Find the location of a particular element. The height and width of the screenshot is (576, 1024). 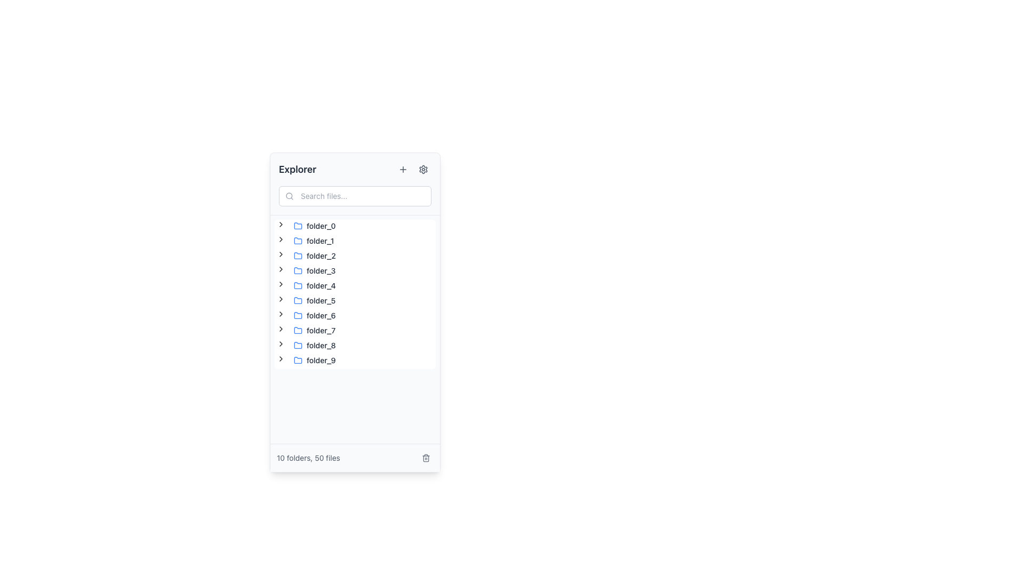

the list item labeled 'folder_3', which consists of a blue folder icon and the text 'folder_3' is located at coordinates (314, 270).